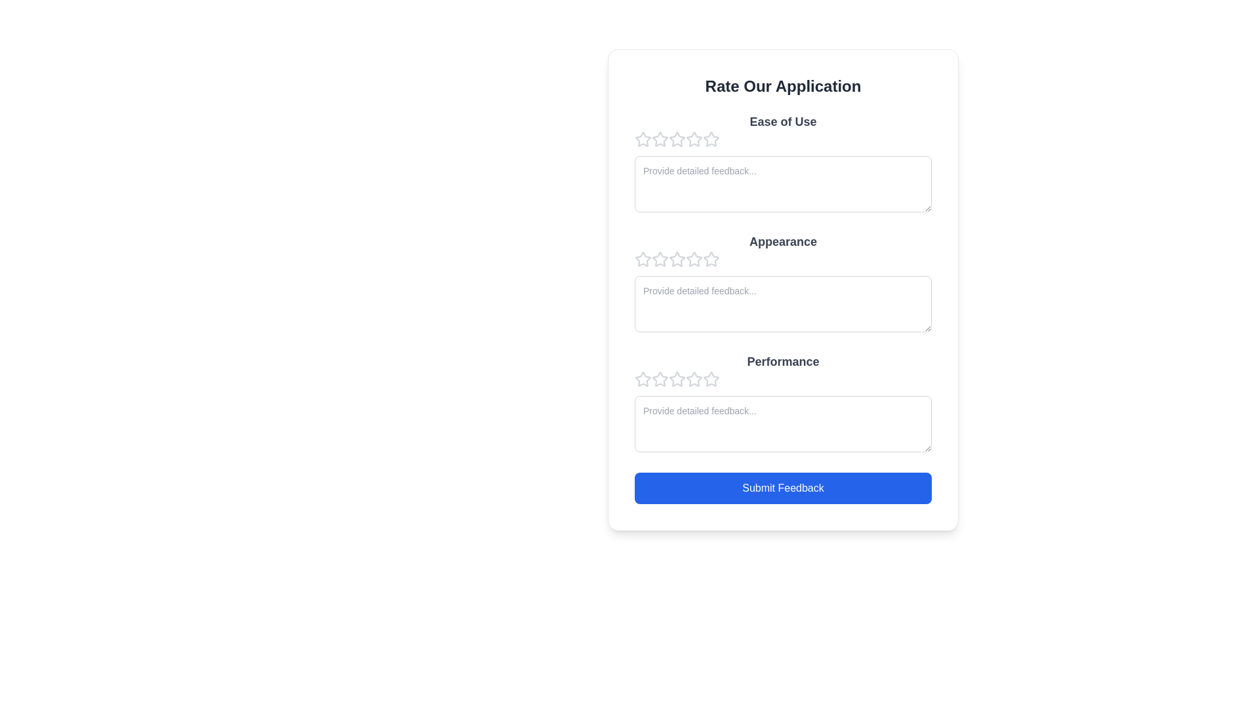 This screenshot has width=1259, height=708. I want to click on the second star icon in the horizontal sequence representing the 'Ease of Use' rating, which is currently in a non-selected state with a light gray fill, so click(677, 139).